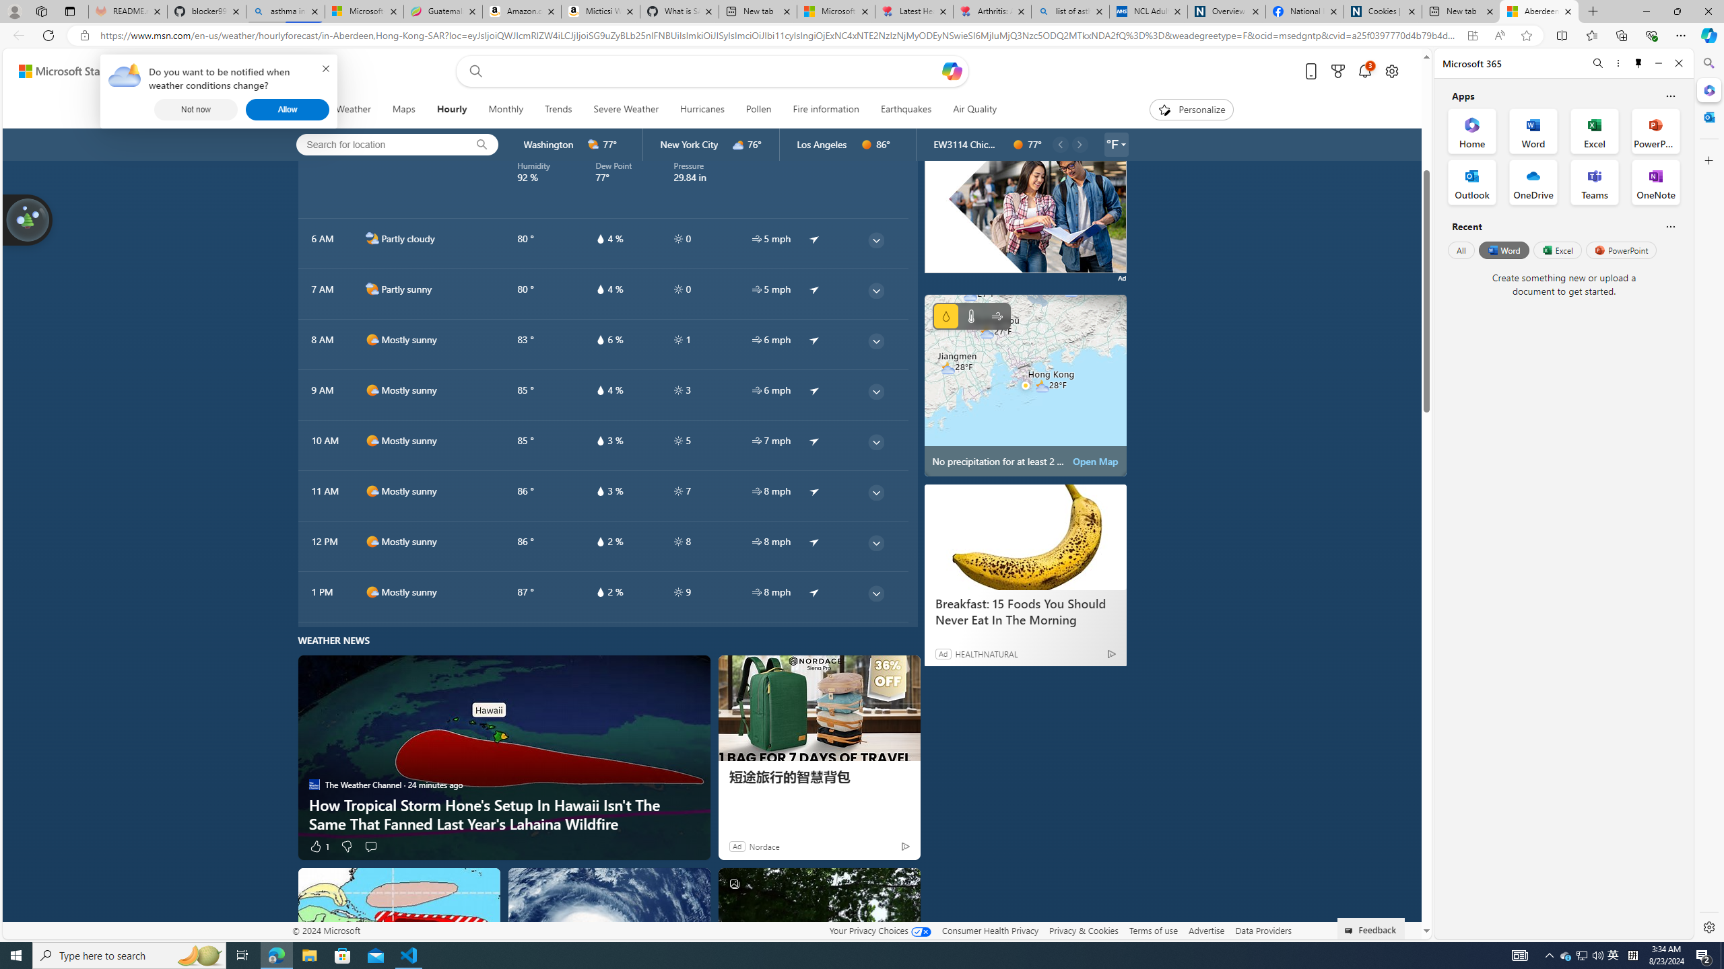  Describe the element at coordinates (974, 109) in the screenshot. I see `'Air Quality'` at that location.